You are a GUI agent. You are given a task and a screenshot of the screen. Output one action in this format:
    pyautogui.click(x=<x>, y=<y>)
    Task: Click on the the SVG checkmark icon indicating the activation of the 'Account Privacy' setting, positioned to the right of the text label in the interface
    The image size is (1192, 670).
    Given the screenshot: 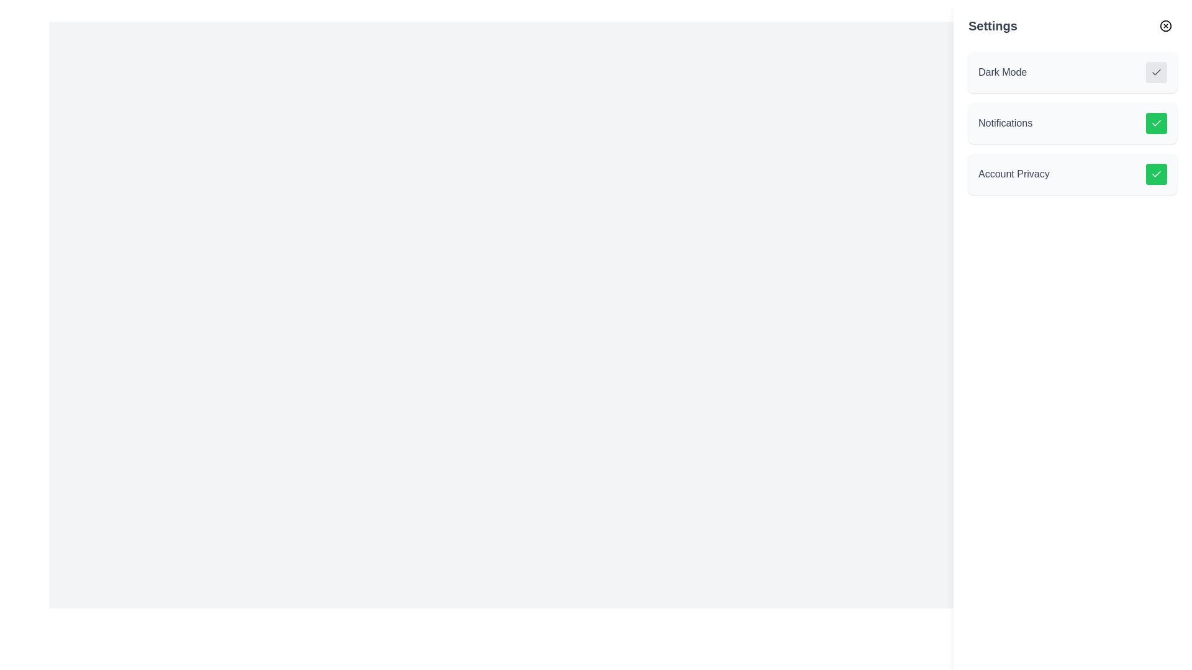 What is the action you would take?
    pyautogui.click(x=1155, y=174)
    